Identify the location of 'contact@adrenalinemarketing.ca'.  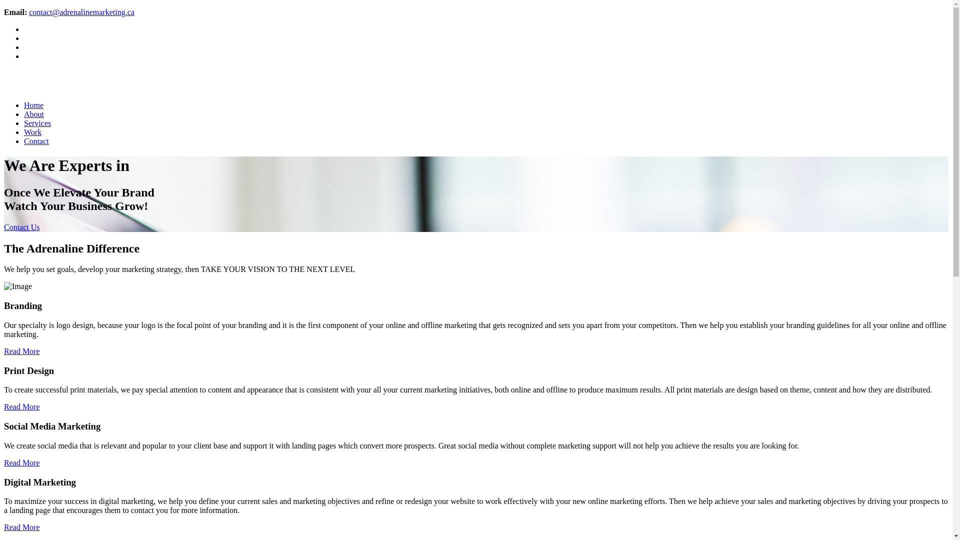
(81, 12).